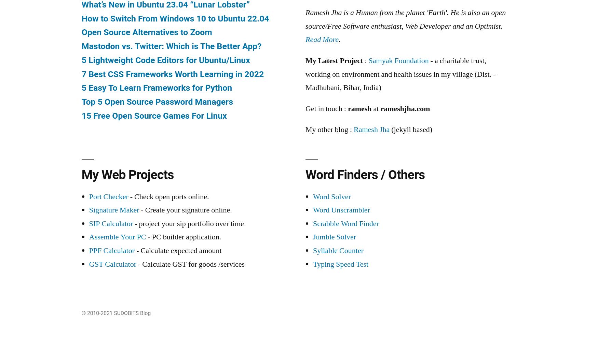 The height and width of the screenshot is (340, 611). Describe the element at coordinates (108, 196) in the screenshot. I see `'Port Checker'` at that location.